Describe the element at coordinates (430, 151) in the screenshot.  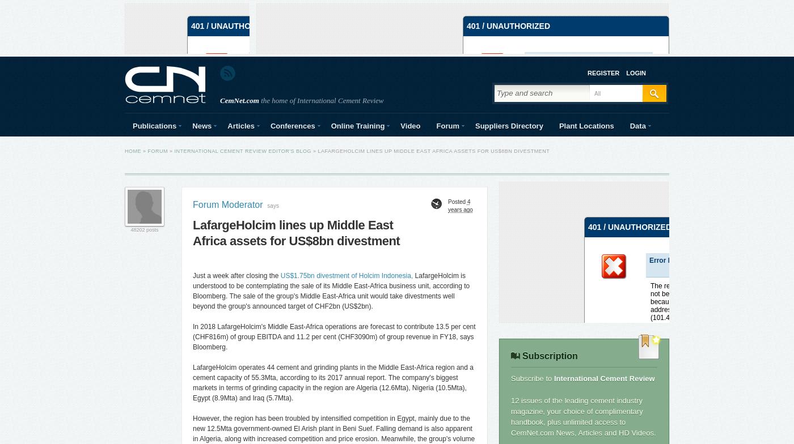
I see `'»
    LafargeHolcim lines up Middle East Africa assets for US$8bn divestment'` at that location.